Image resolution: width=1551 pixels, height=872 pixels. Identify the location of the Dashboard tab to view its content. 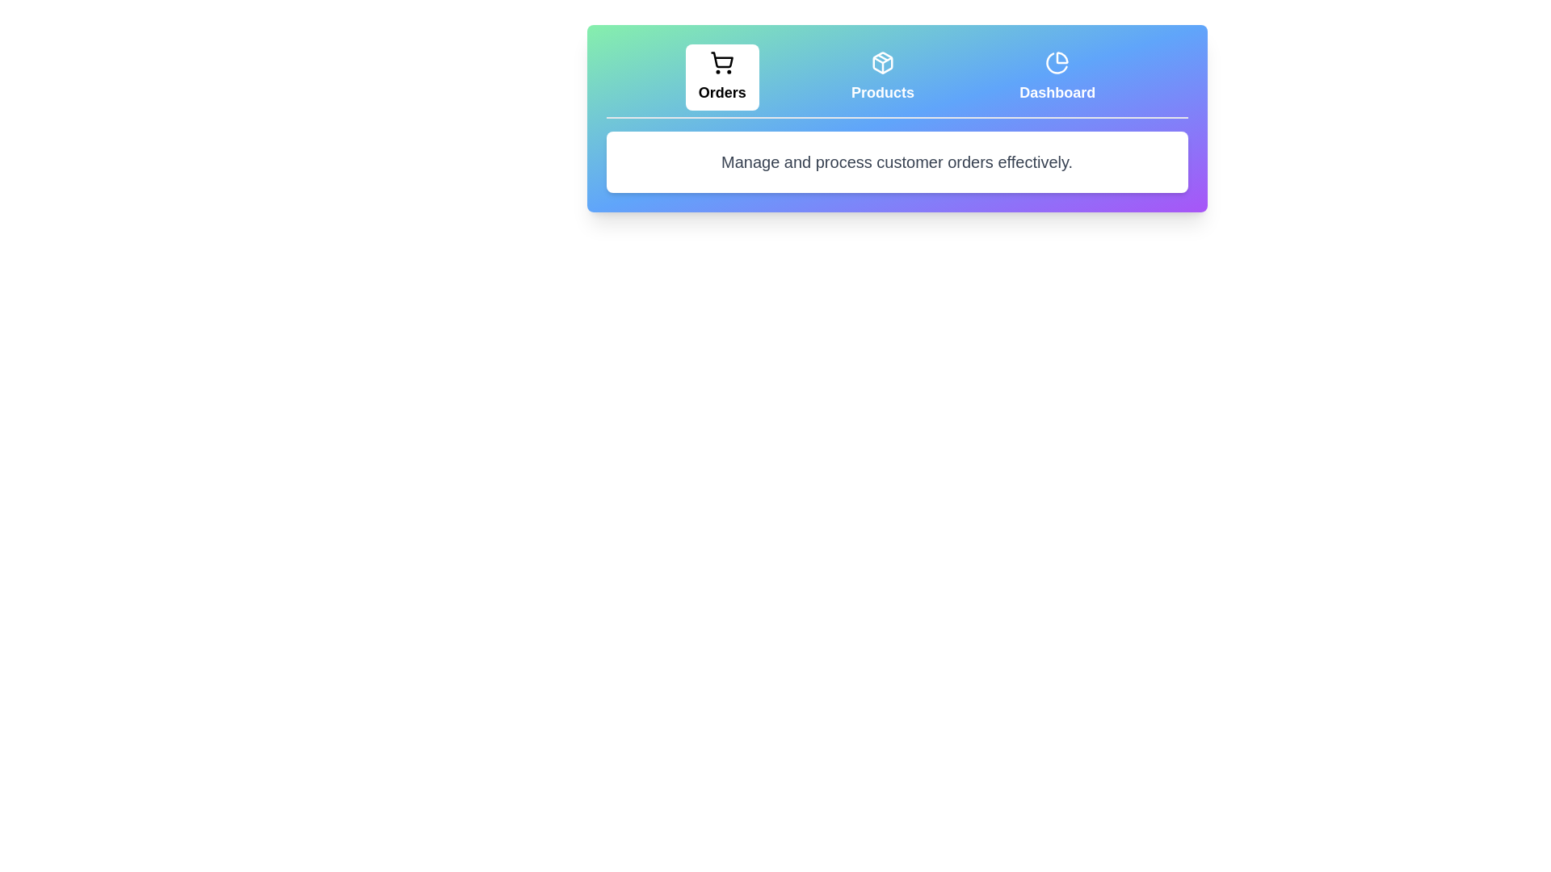
(1057, 78).